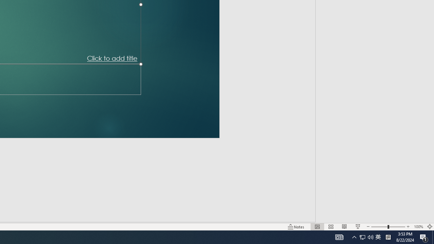 The image size is (434, 244). What do you see at coordinates (418, 227) in the screenshot?
I see `'Zoom 100%'` at bounding box center [418, 227].